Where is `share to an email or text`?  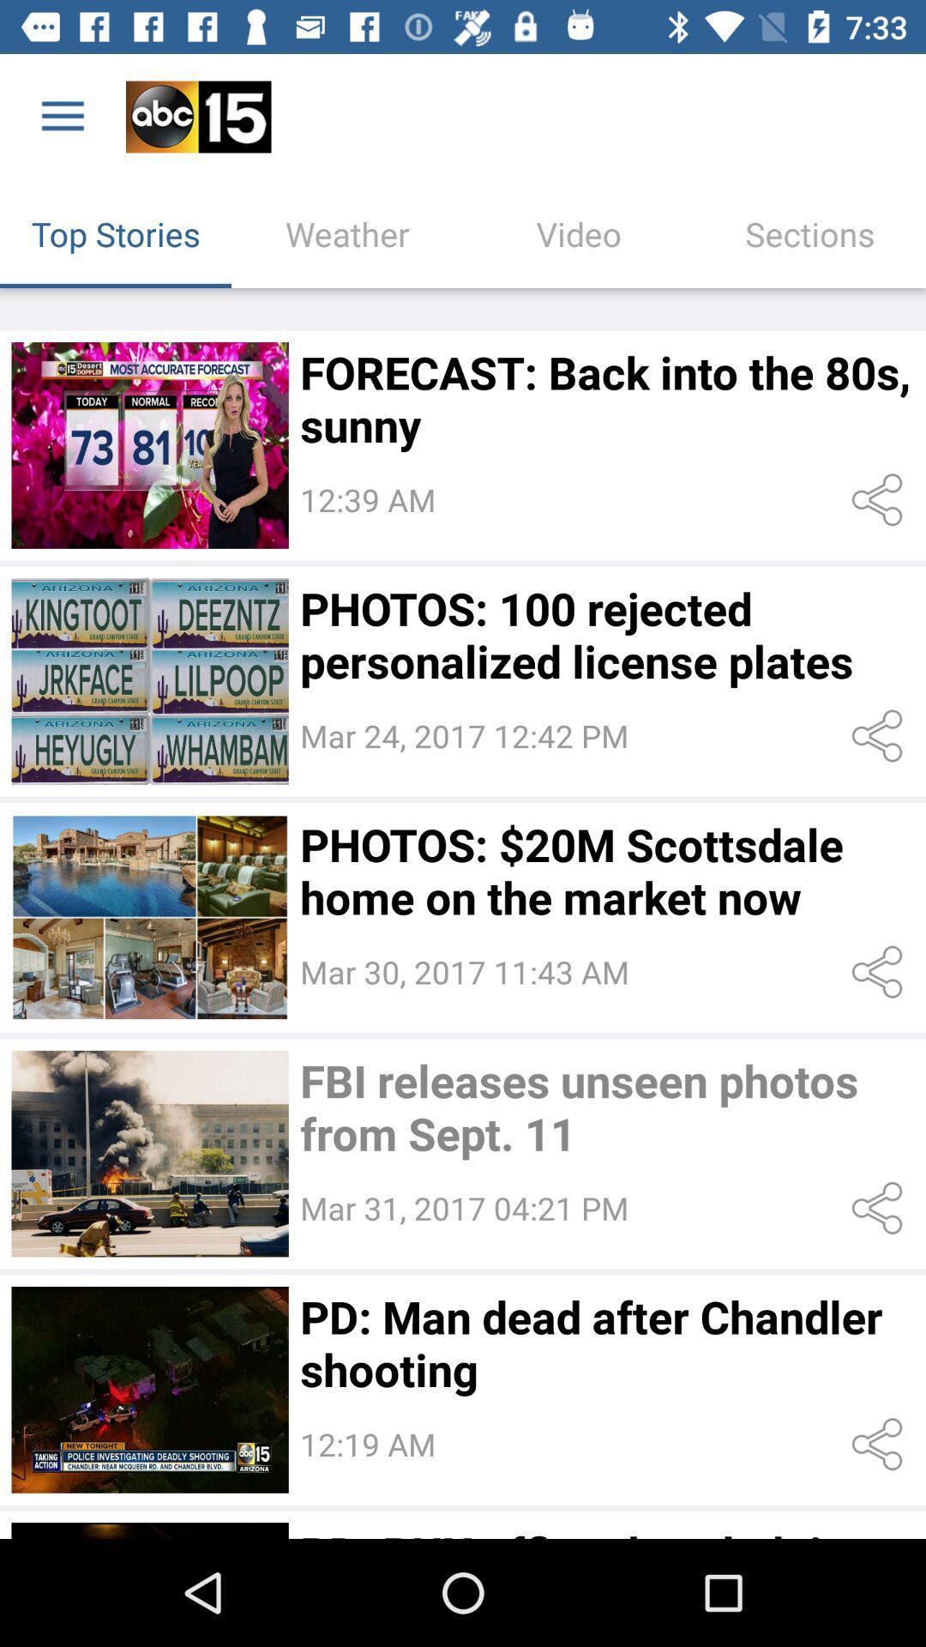 share to an email or text is located at coordinates (881, 736).